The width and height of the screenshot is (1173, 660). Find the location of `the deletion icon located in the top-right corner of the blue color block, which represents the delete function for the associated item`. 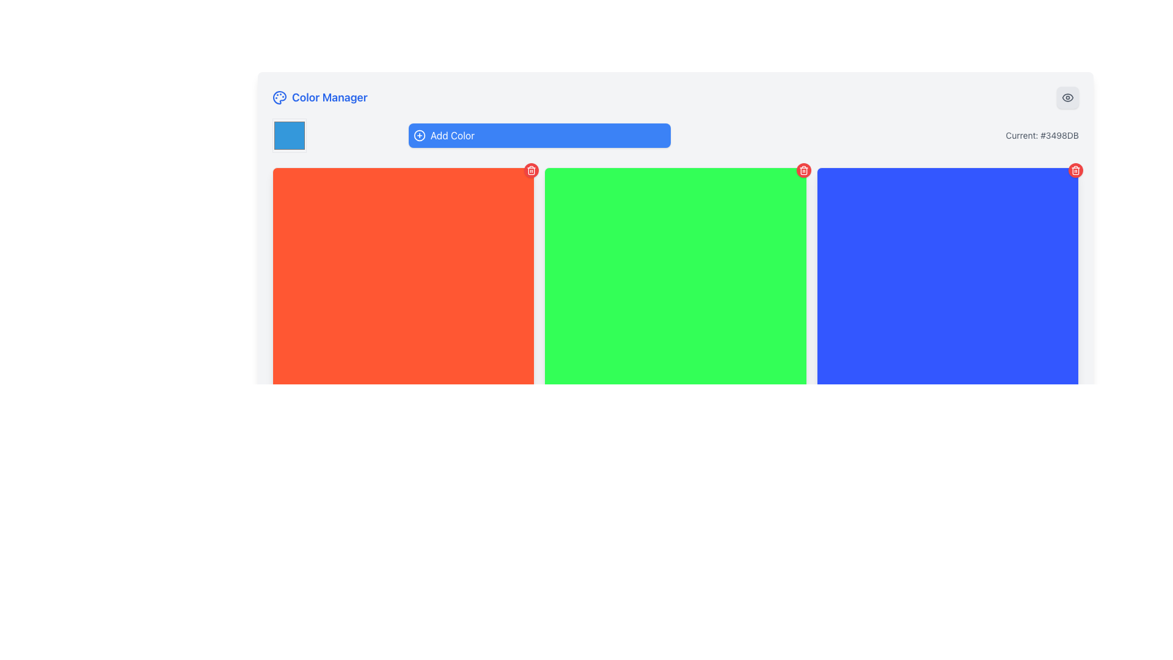

the deletion icon located in the top-right corner of the blue color block, which represents the delete function for the associated item is located at coordinates (1076, 170).